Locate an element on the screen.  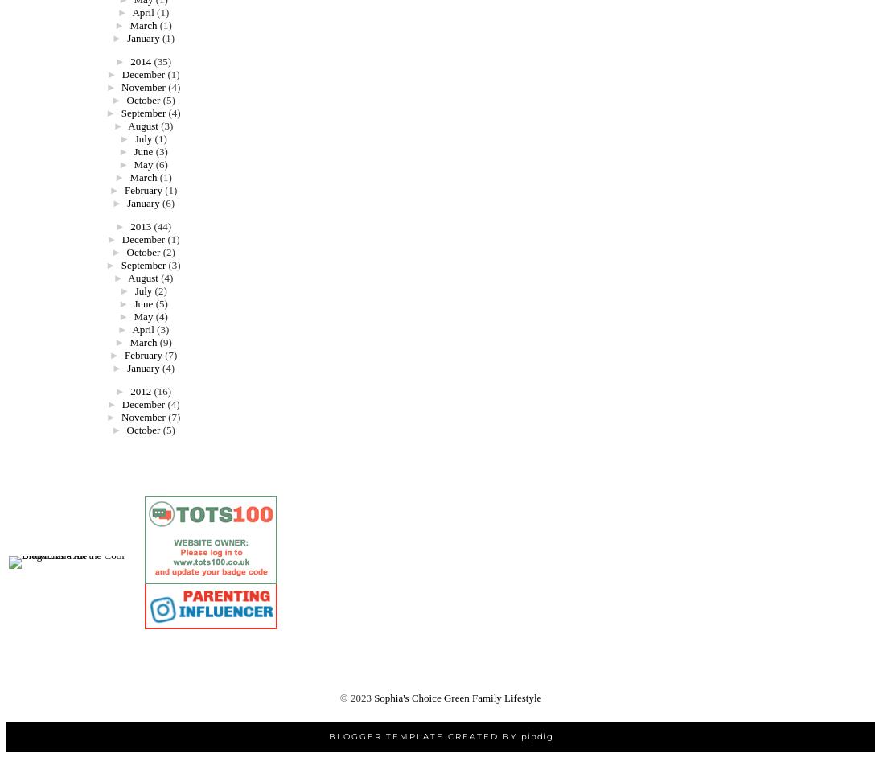
'(44)' is located at coordinates (153, 225).